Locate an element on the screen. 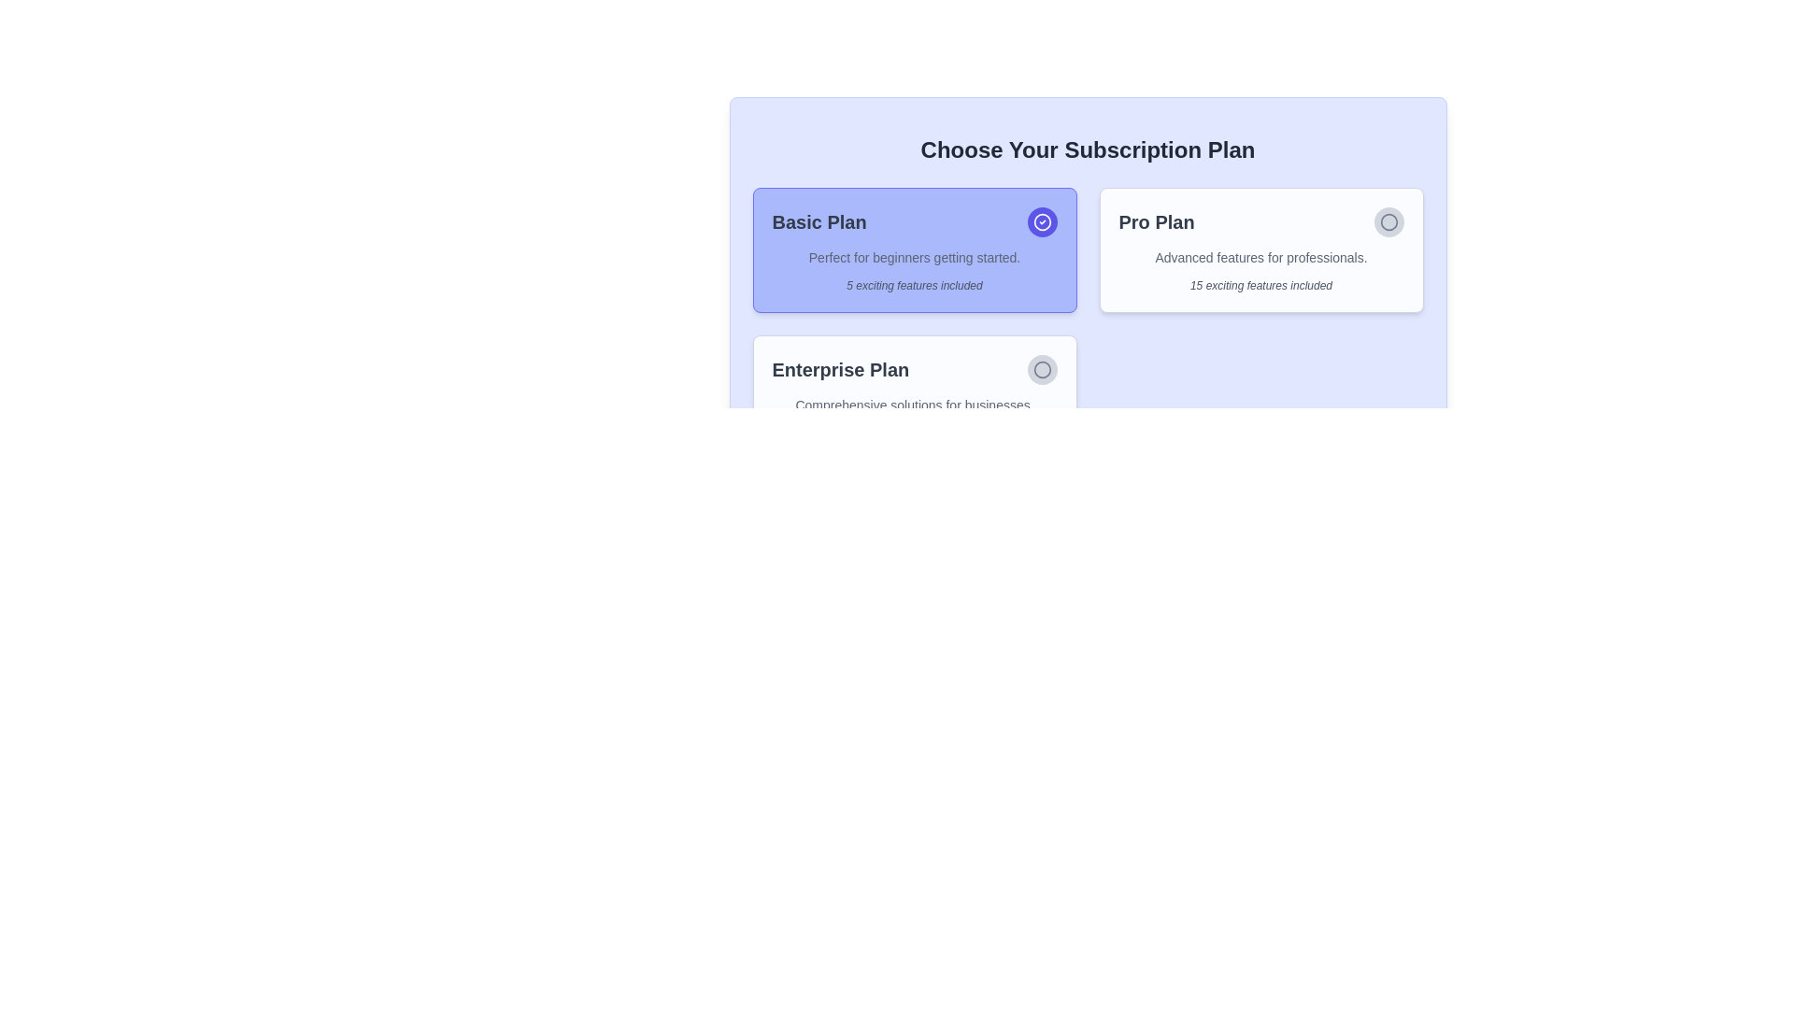 This screenshot has height=1009, width=1794. text label displaying 'Perfect for beginners getting started.' located under the title 'Basic Plan' in the subscription plan card is located at coordinates (915, 258).